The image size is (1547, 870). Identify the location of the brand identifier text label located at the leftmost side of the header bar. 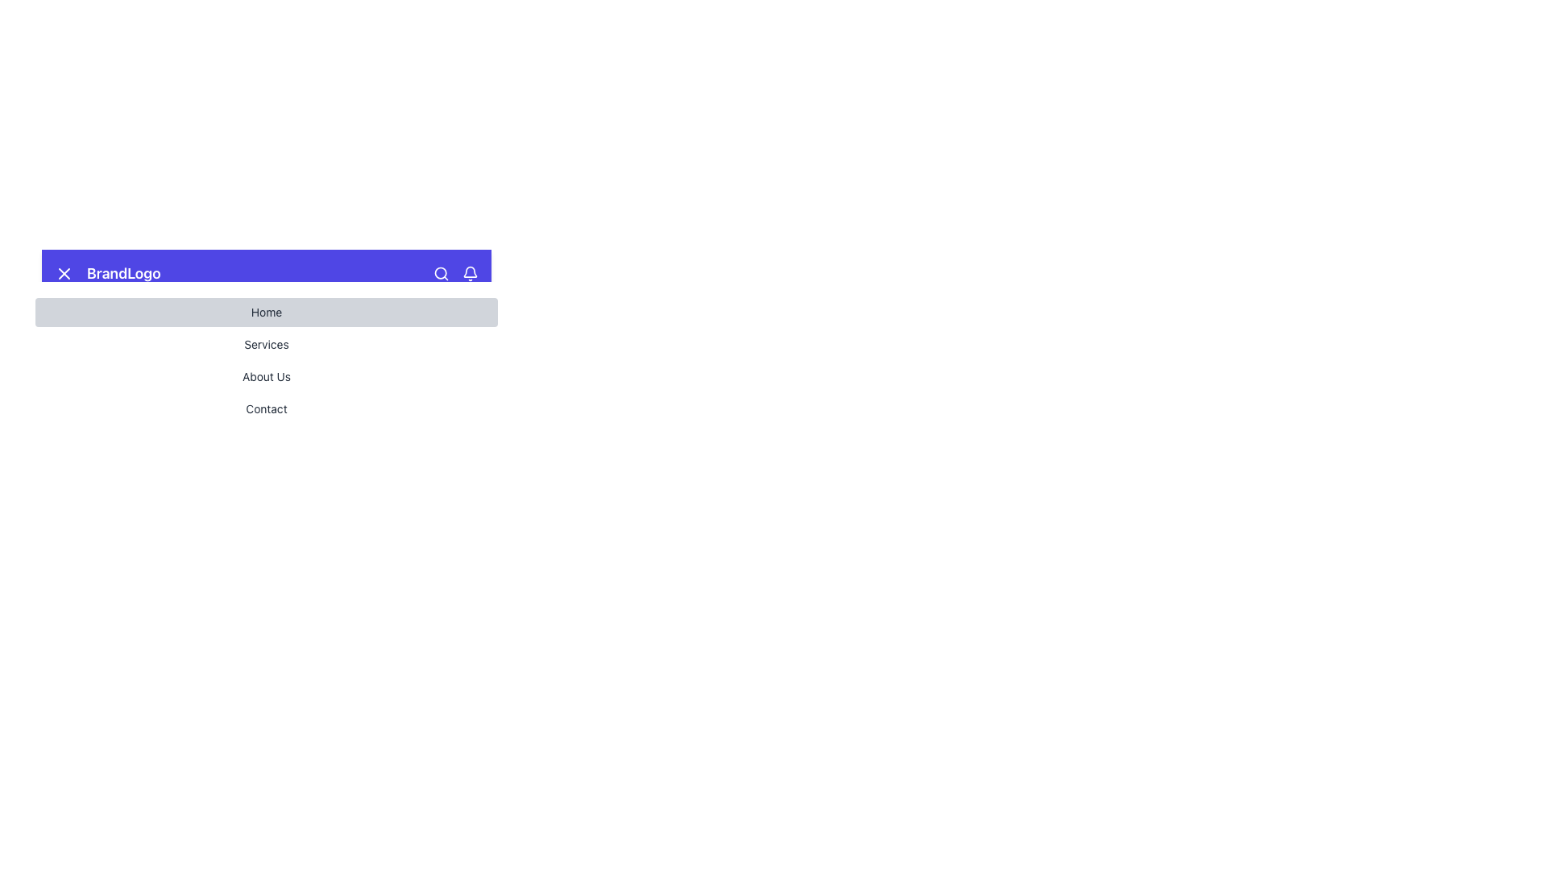
(106, 272).